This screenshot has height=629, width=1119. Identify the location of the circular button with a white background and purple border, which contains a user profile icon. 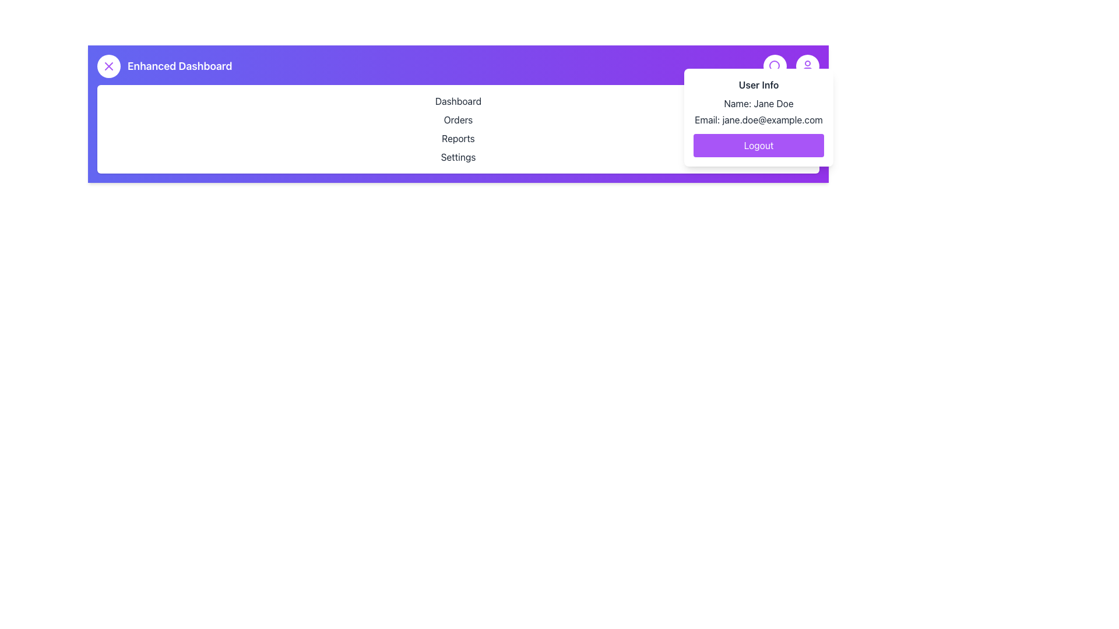
(807, 66).